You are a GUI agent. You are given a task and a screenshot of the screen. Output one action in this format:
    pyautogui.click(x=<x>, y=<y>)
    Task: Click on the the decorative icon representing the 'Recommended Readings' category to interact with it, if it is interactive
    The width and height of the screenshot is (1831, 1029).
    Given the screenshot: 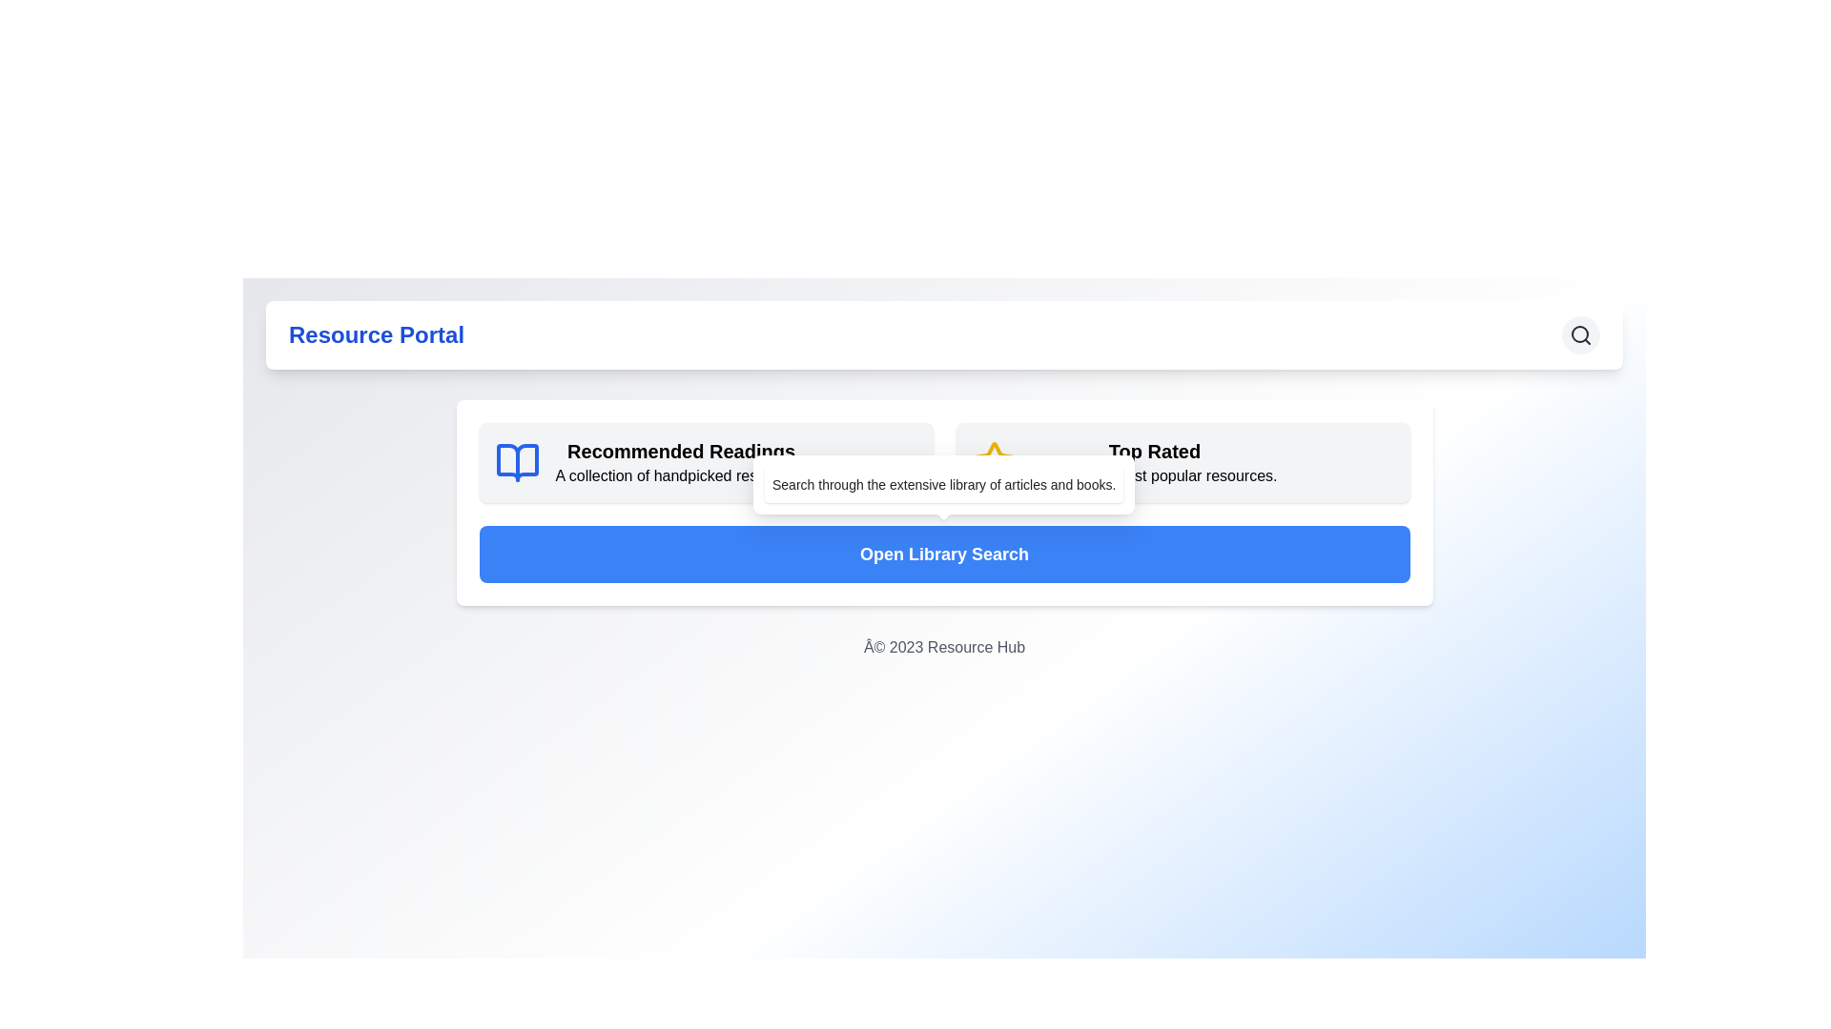 What is the action you would take?
    pyautogui.click(x=517, y=463)
    